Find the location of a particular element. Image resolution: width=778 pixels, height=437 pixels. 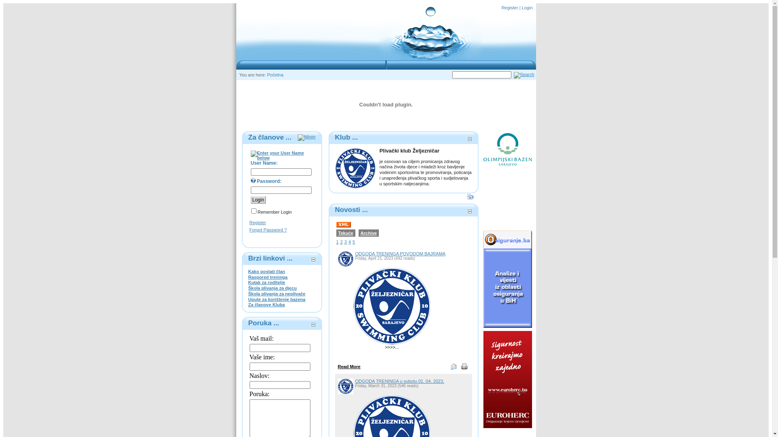

'Print' is located at coordinates (470, 197).